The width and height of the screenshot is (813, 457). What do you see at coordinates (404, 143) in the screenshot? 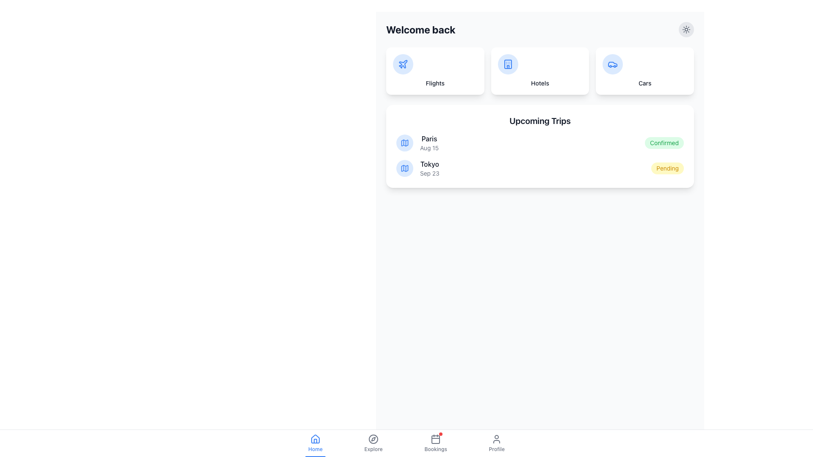
I see `the map icon located beneath the 'Upcoming Trips' section, which represents the 'Tokyo' trip` at bounding box center [404, 143].